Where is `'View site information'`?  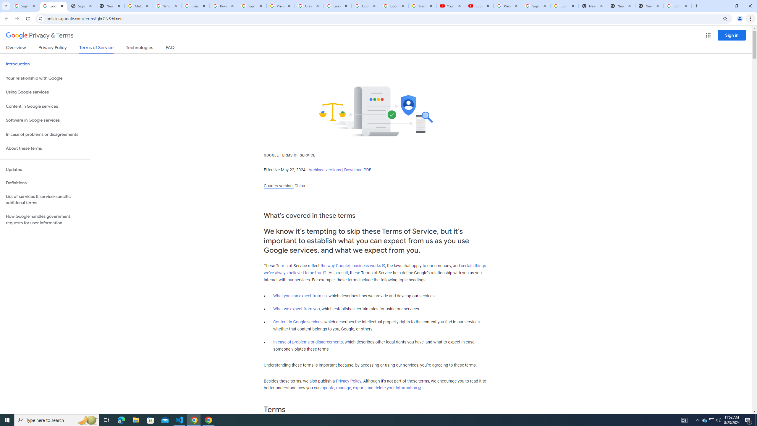 'View site information' is located at coordinates (40, 18).